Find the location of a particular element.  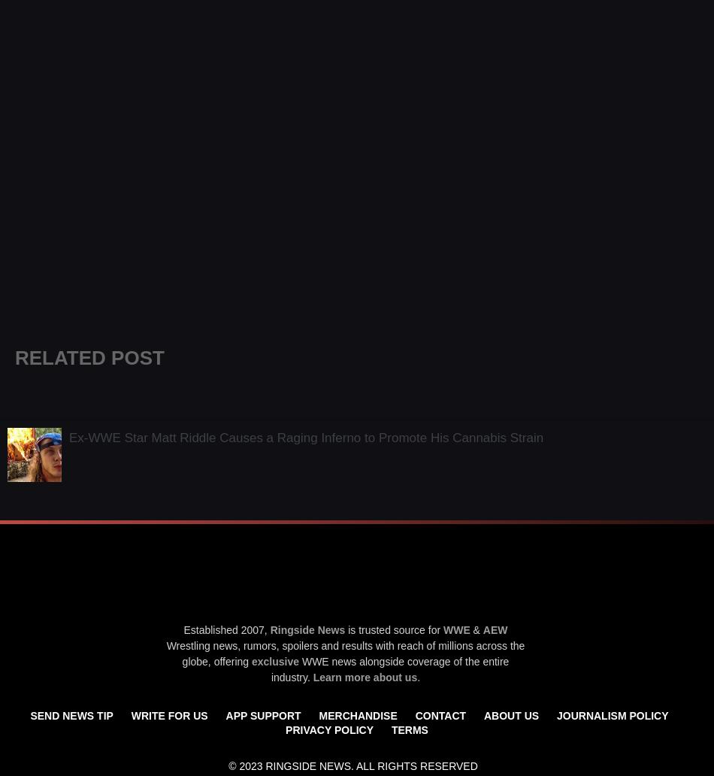

'Learn more about us' is located at coordinates (365, 677).